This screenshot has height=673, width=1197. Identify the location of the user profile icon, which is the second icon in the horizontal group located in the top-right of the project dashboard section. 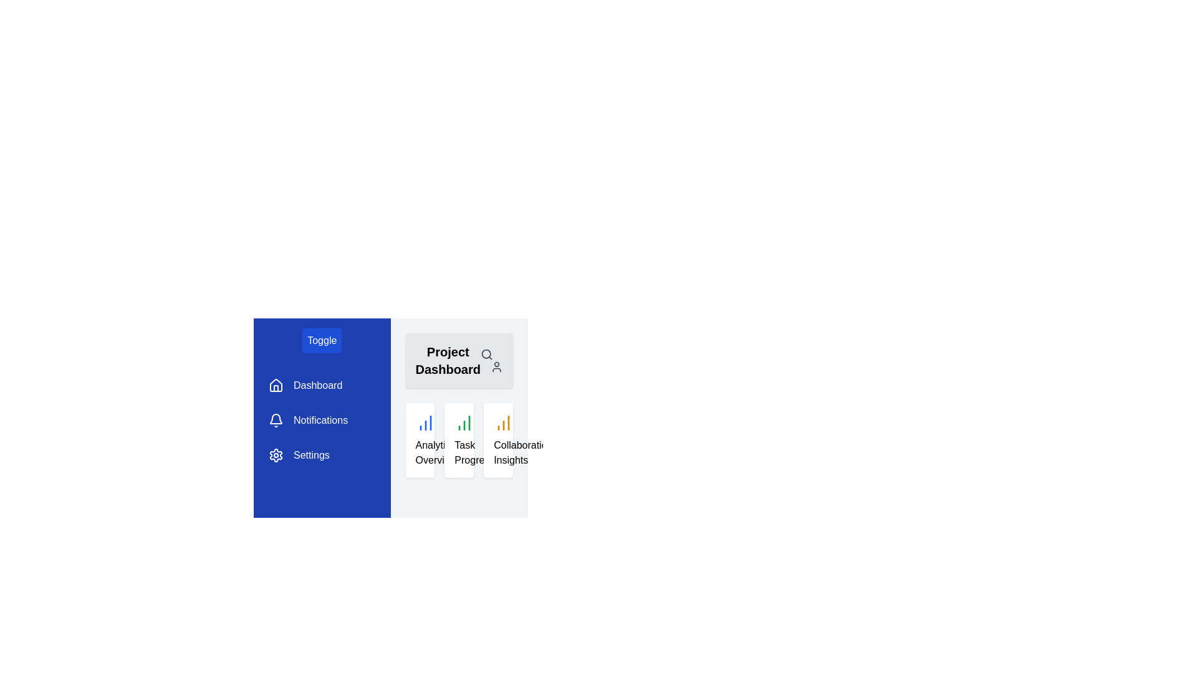
(496, 366).